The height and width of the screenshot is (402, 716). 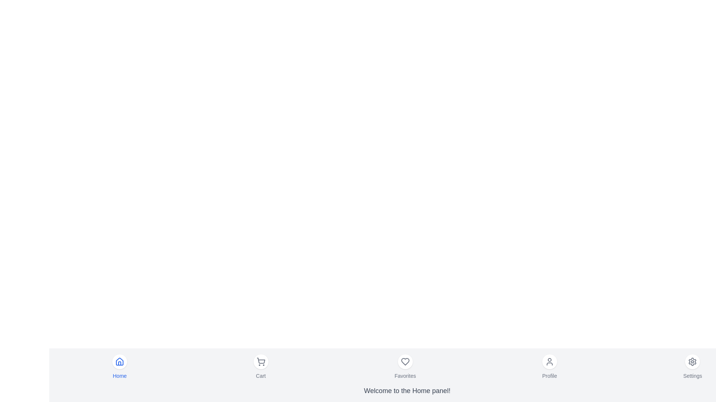 I want to click on the menu item labeled Favorites to observe the hover effect, so click(x=405, y=367).